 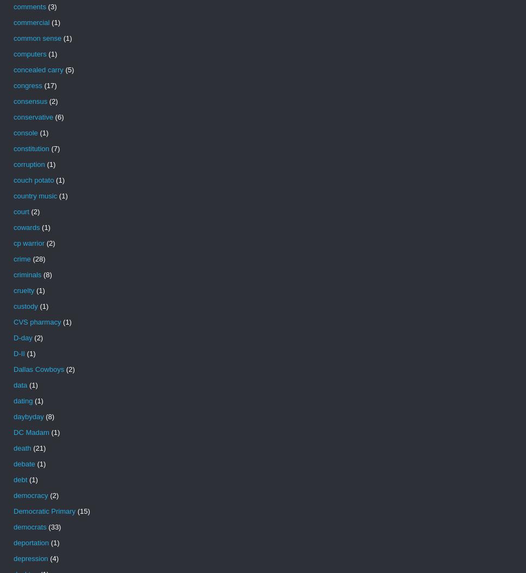 What do you see at coordinates (30, 22) in the screenshot?
I see `'commercial'` at bounding box center [30, 22].